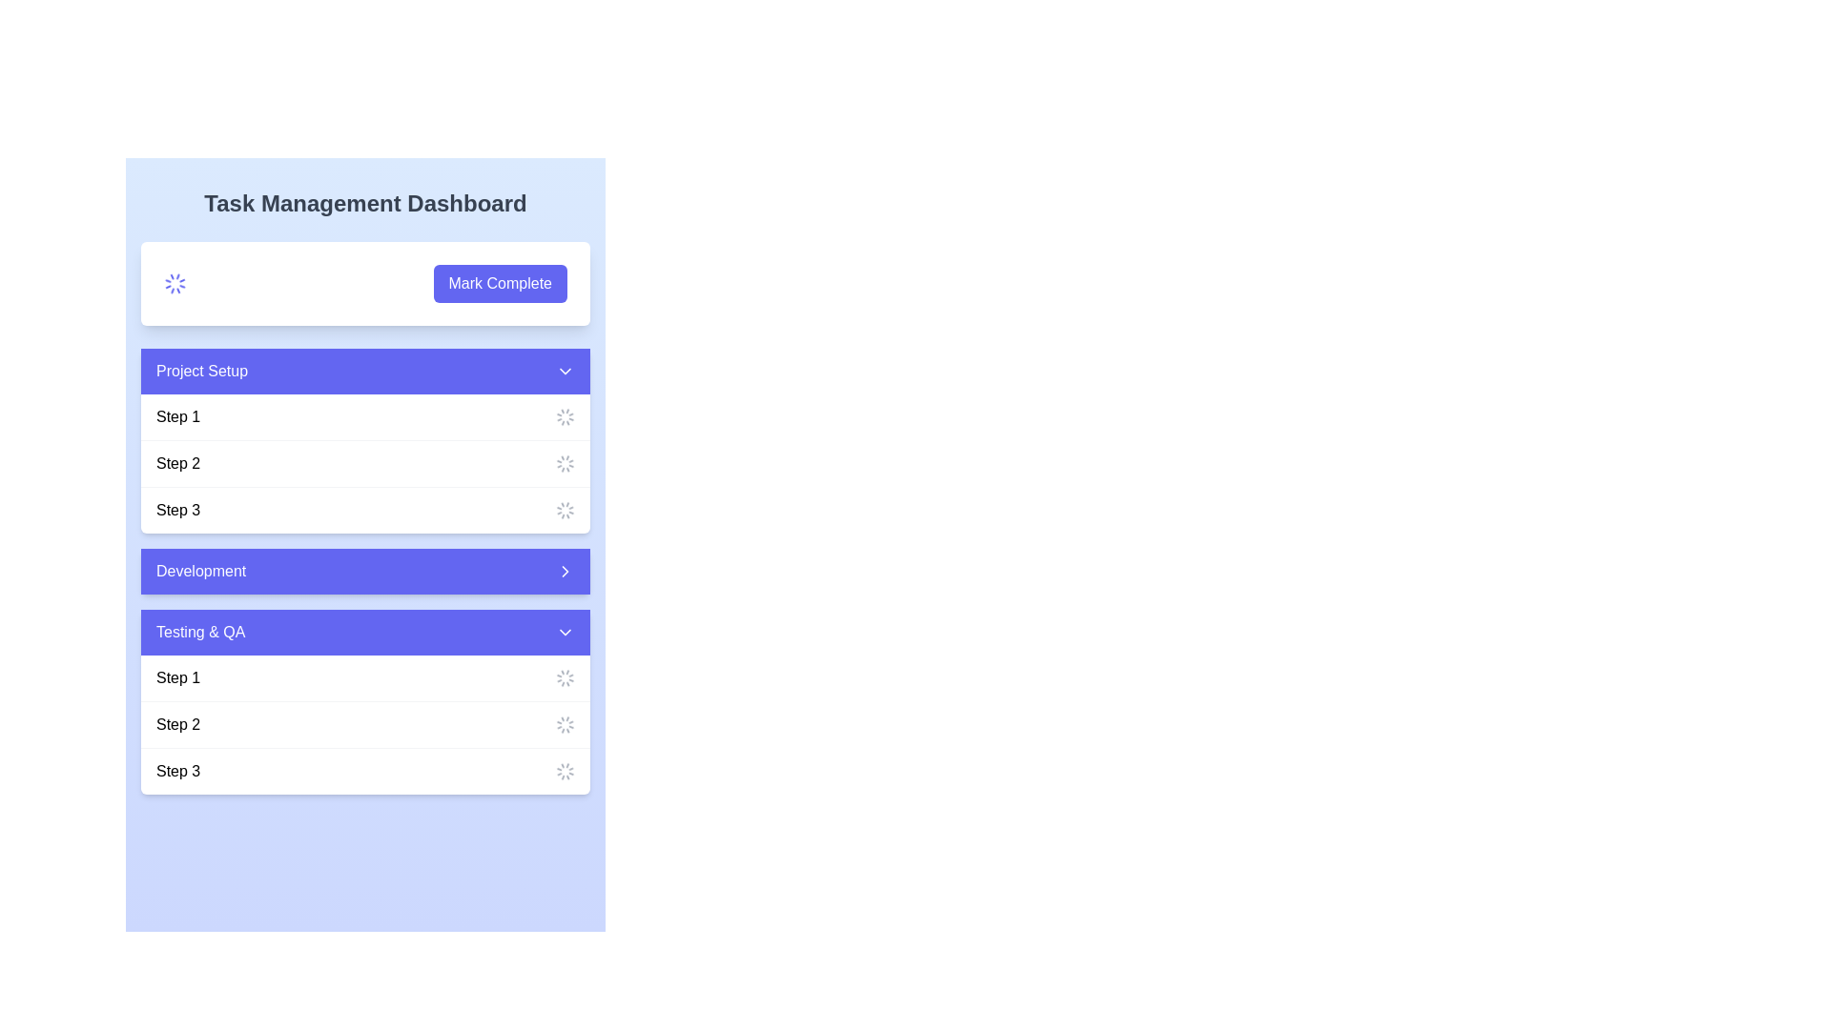  Describe the element at coordinates (565, 416) in the screenshot. I see `the Rotating loader icon located on the far right of the row labeled 'Step 1' in the 'Project Setup' section` at that location.